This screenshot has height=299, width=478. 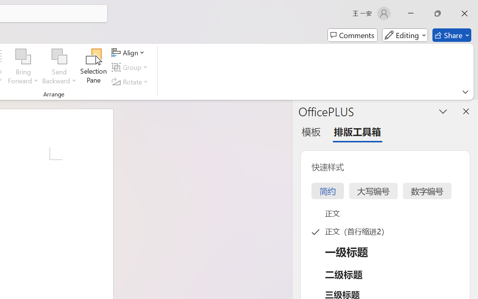 I want to click on 'Send Backward', so click(x=59, y=67).